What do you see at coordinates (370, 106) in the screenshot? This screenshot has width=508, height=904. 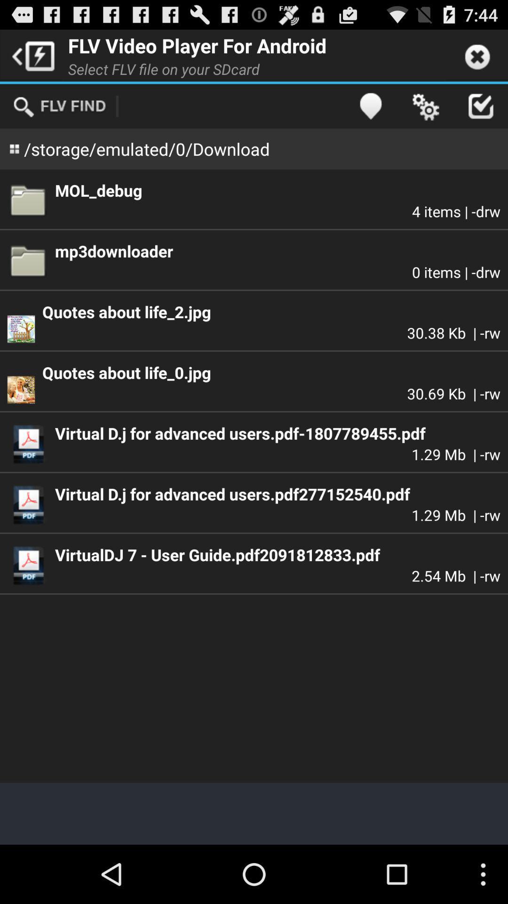 I see `item to the right of storage emulated 0` at bounding box center [370, 106].